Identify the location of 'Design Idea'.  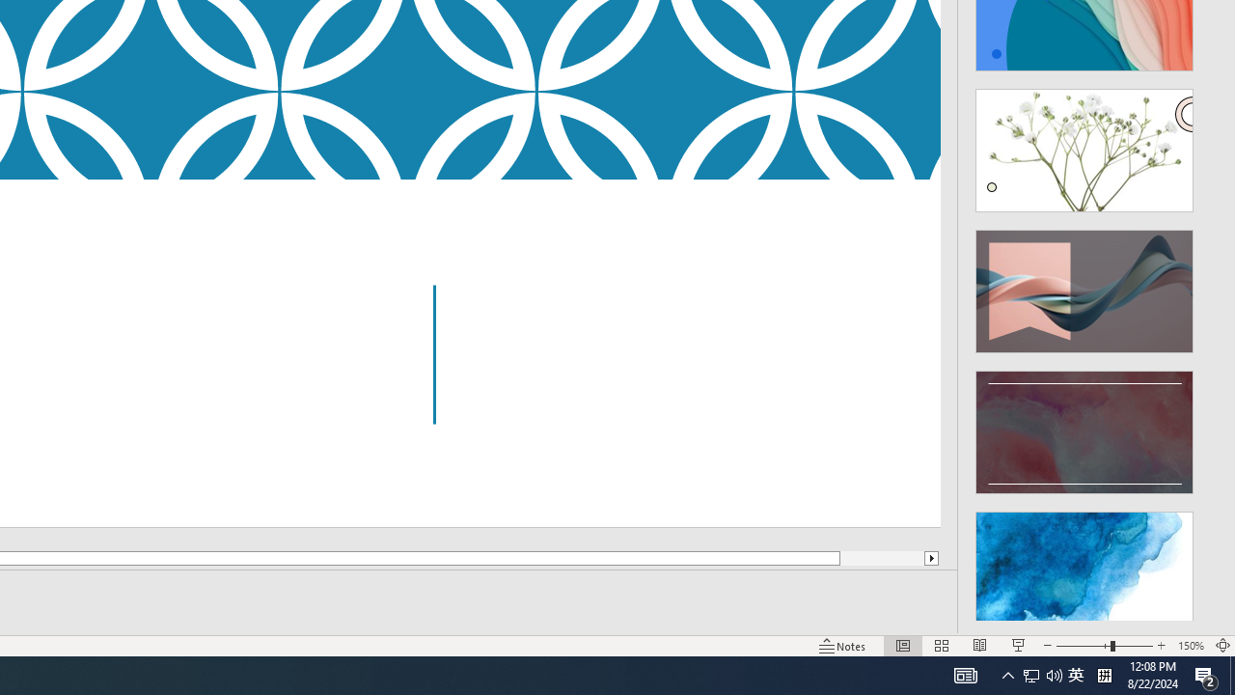
(1084, 566).